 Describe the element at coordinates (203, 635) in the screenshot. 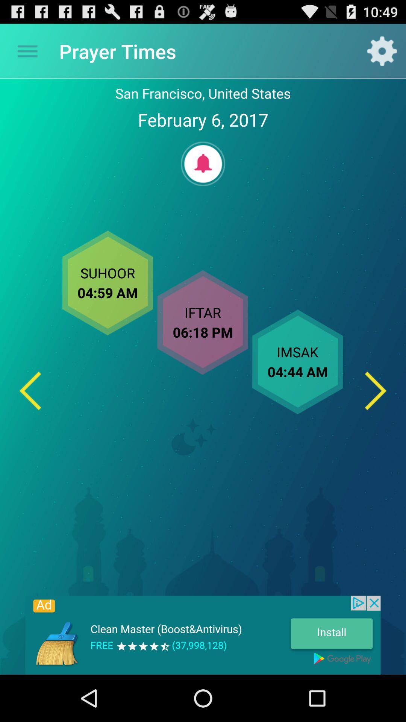

I see `advertisement` at that location.